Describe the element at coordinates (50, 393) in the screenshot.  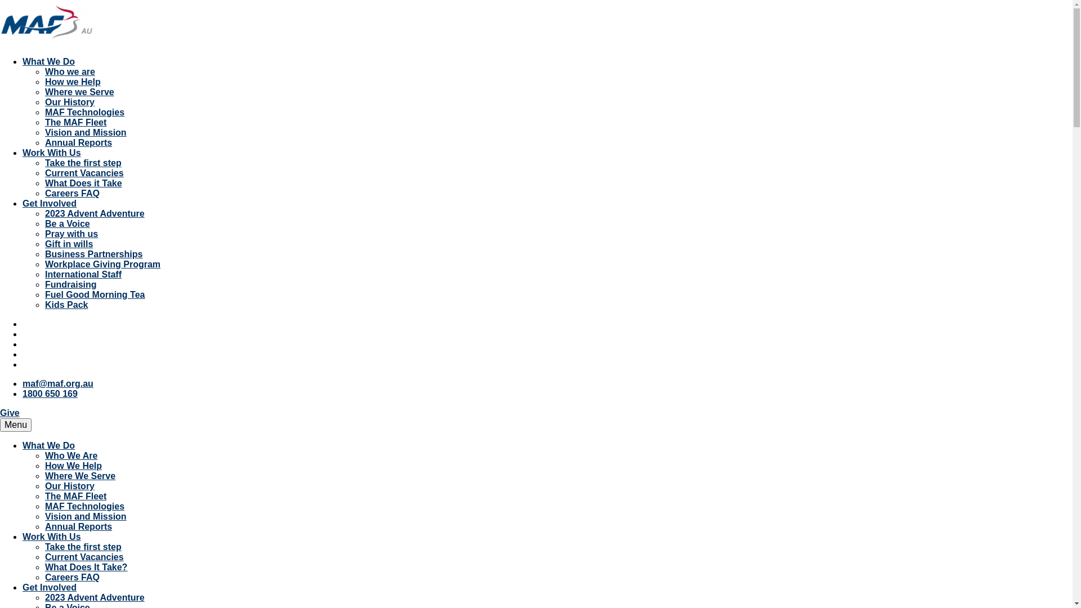
I see `'1800 650 169'` at that location.